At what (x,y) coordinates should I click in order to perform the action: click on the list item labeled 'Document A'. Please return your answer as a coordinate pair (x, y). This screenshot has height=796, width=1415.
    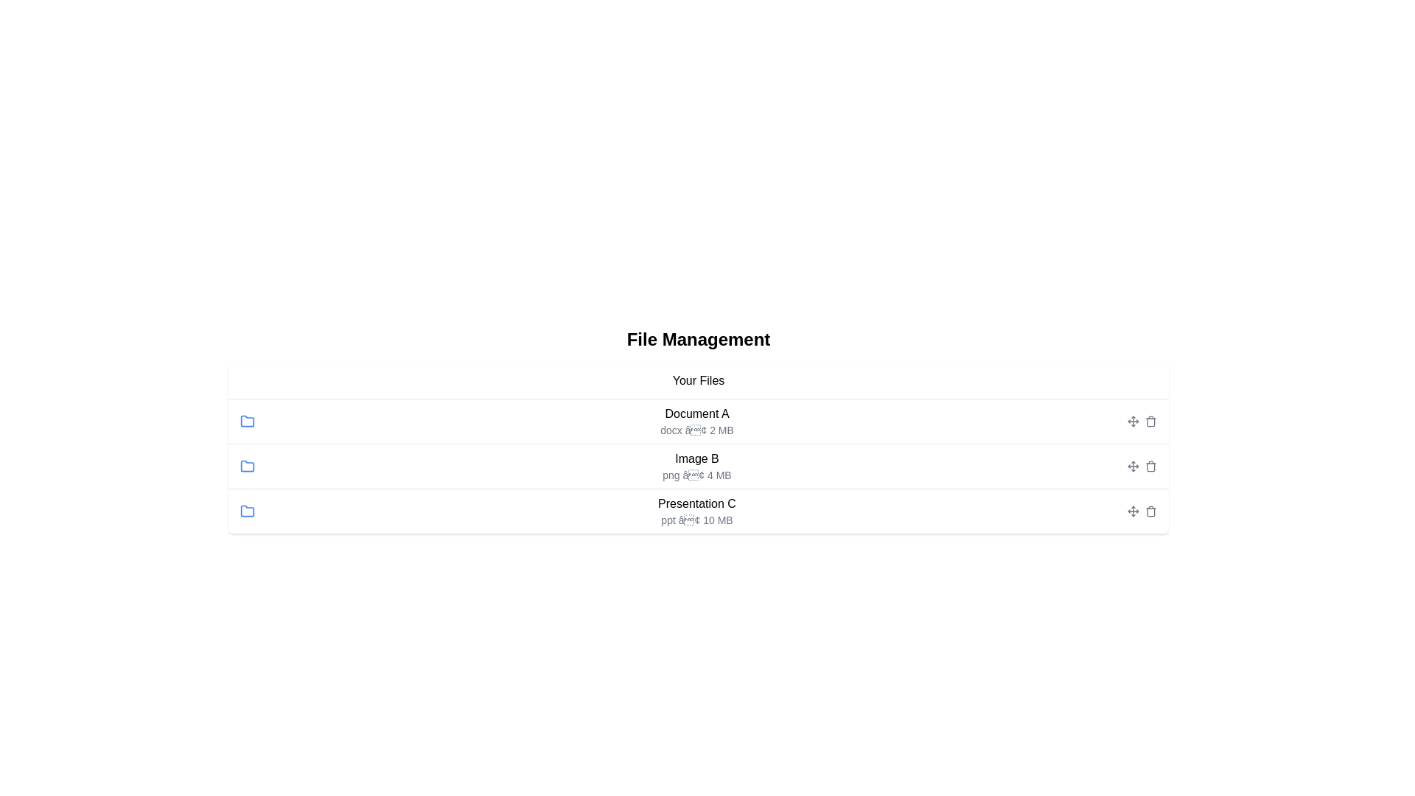
    Looking at the image, I should click on (698, 422).